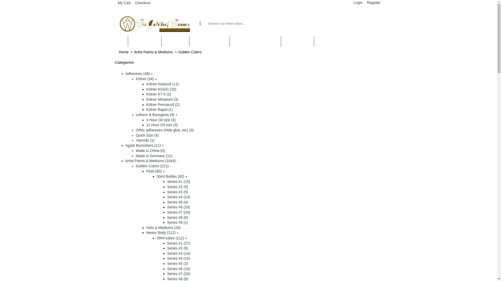  What do you see at coordinates (162, 125) in the screenshot?
I see `'12 Hour Oil size (3)'` at bounding box center [162, 125].